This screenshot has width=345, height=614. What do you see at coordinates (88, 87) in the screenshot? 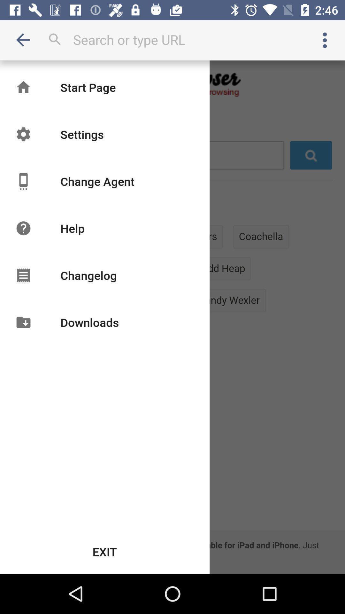
I see `start page icon` at bounding box center [88, 87].